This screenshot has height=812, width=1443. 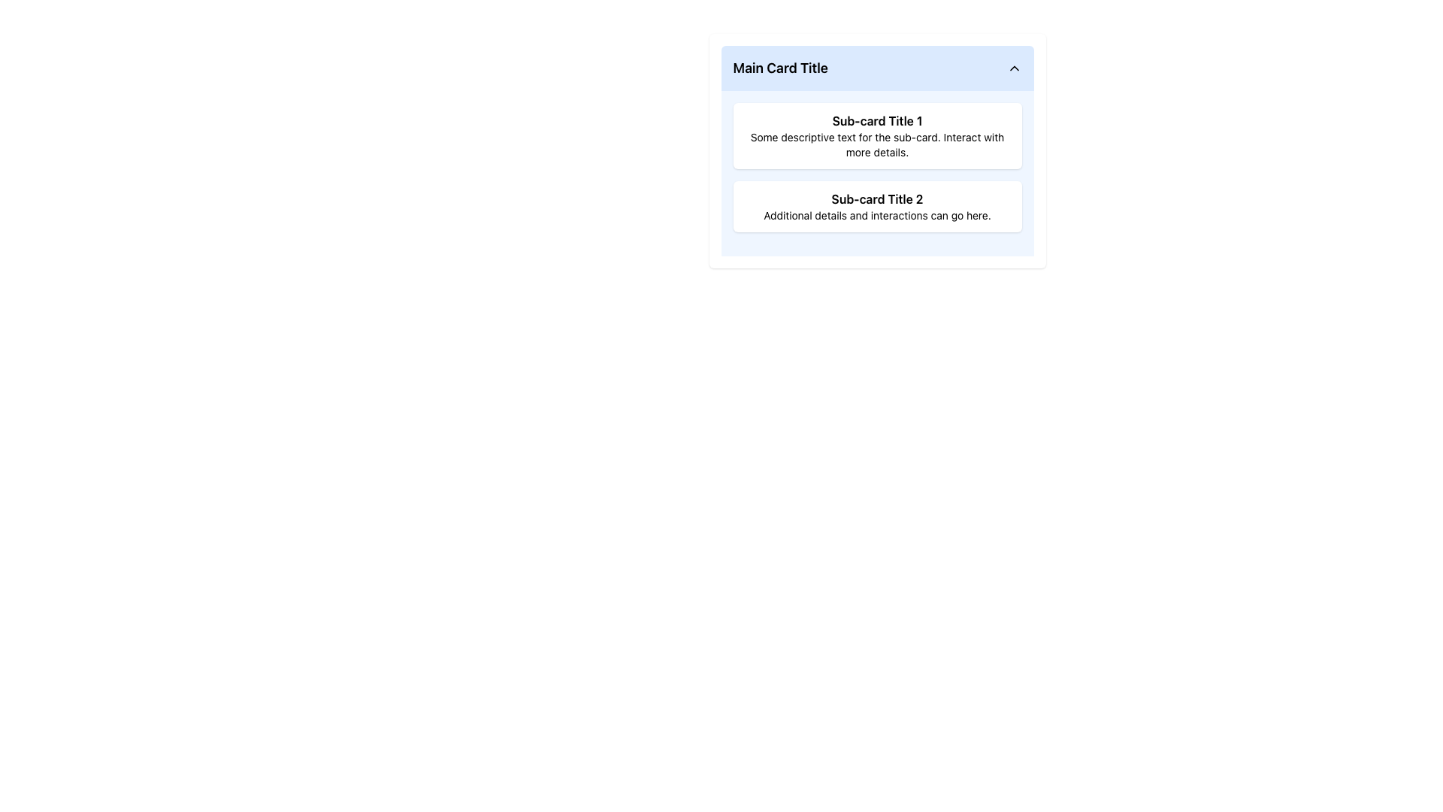 I want to click on the button located in the upper-right corner of the card's header, so click(x=1014, y=68).